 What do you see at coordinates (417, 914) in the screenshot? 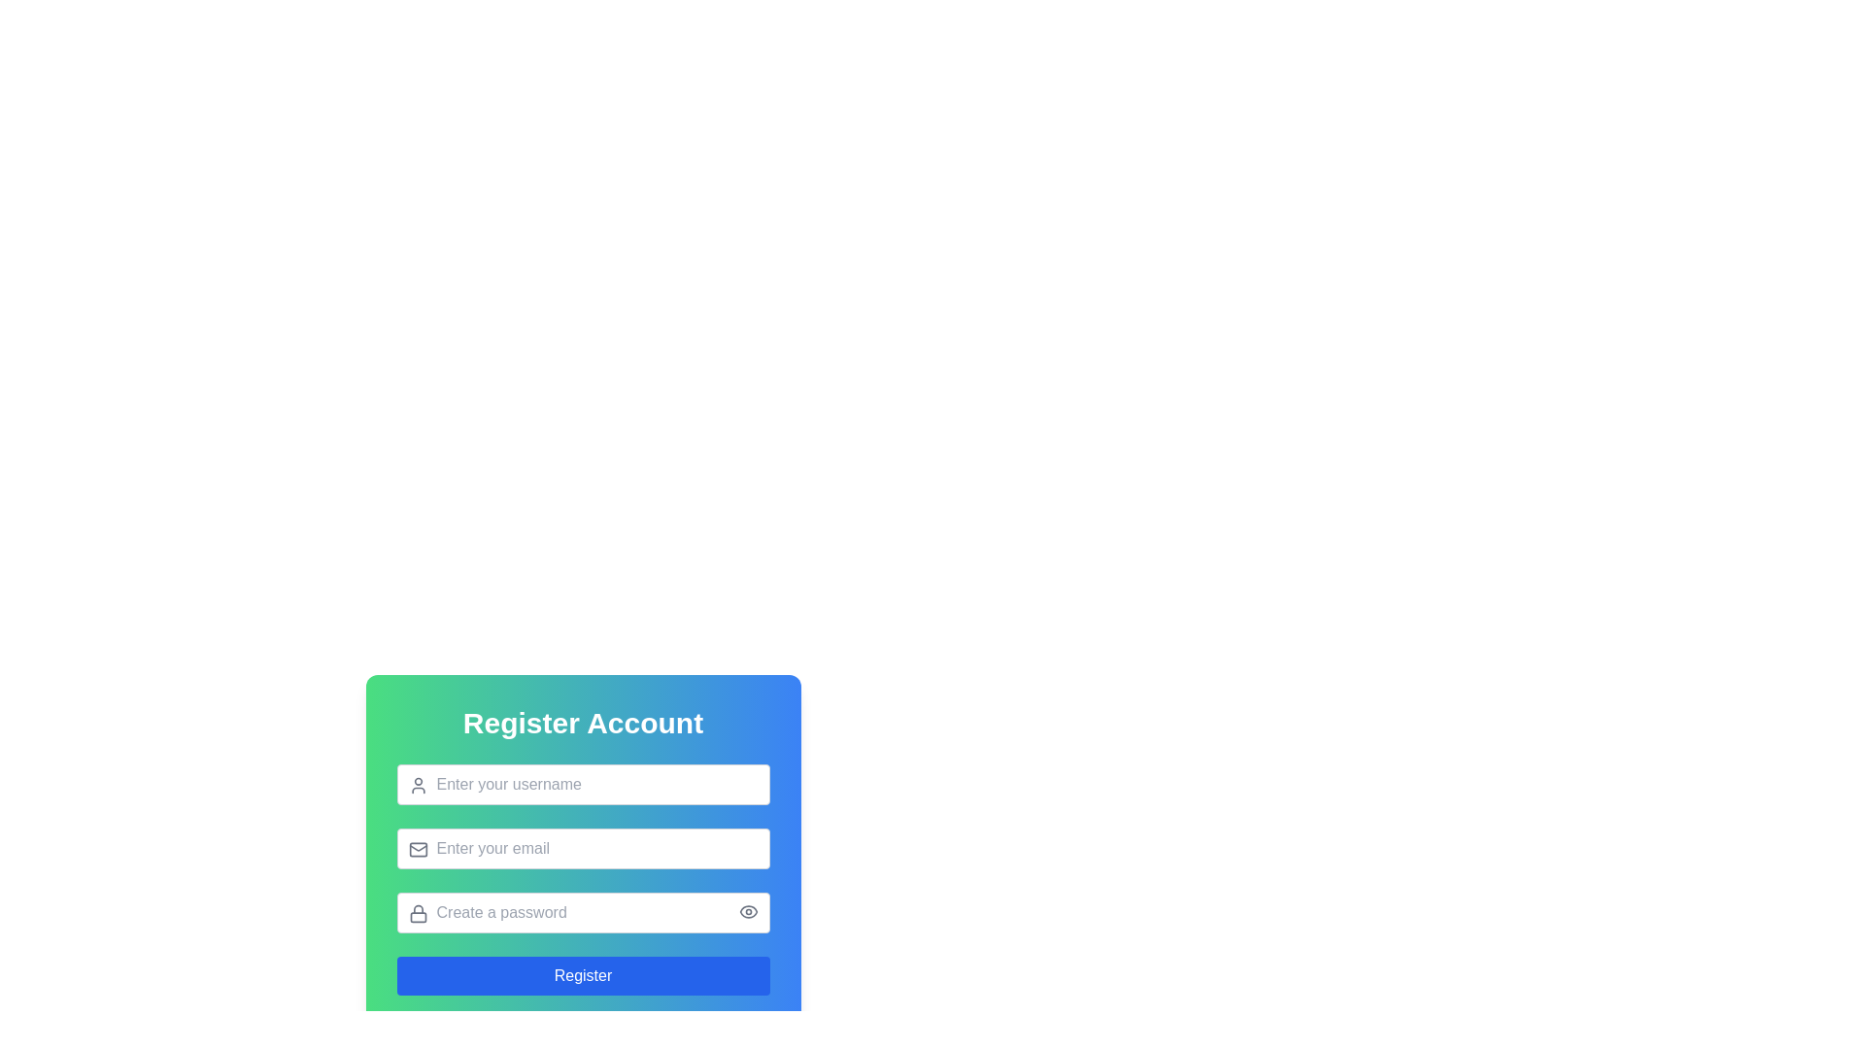
I see `the lock icon located to the left of the 'Create a password' input field, indicating secure password entry functionality` at bounding box center [417, 914].